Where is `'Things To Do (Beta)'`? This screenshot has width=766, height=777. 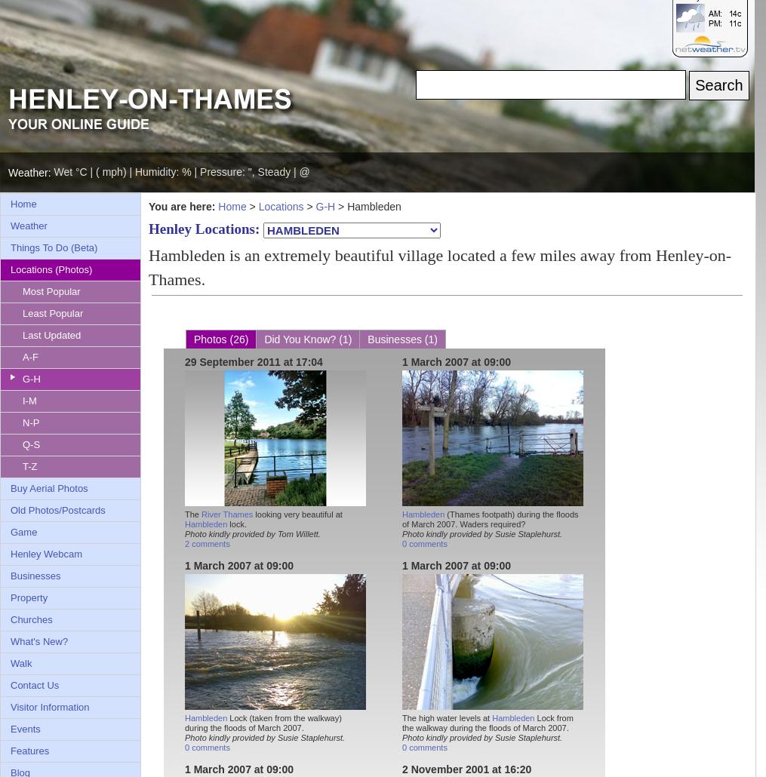
'Things To Do (Beta)' is located at coordinates (10, 247).